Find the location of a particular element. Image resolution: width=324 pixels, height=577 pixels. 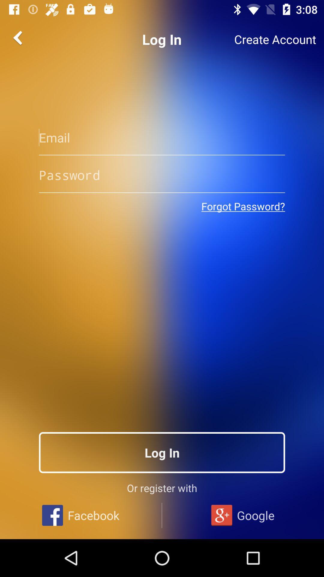

email is located at coordinates (162, 137).